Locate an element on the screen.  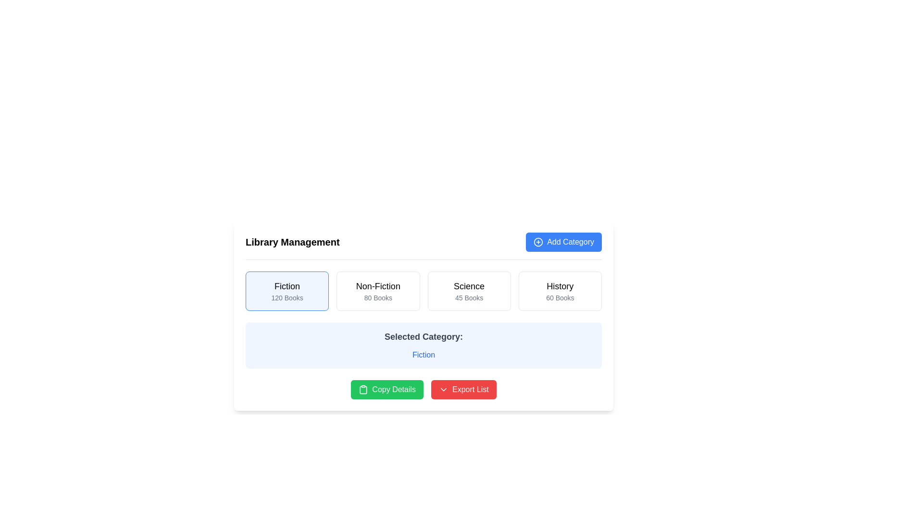
the text label displaying the count of books is located at coordinates (287, 297).